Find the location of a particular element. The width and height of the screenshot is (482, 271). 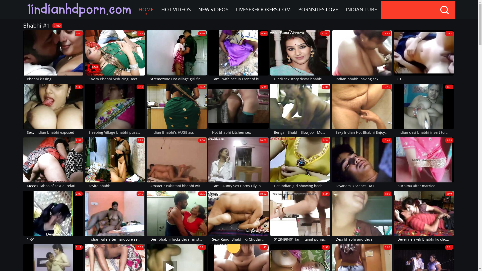

'INDIAN TUBE' is located at coordinates (361, 10).